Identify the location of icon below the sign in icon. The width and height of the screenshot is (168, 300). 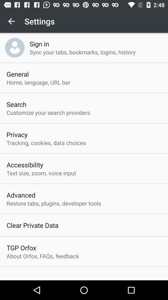
(82, 52).